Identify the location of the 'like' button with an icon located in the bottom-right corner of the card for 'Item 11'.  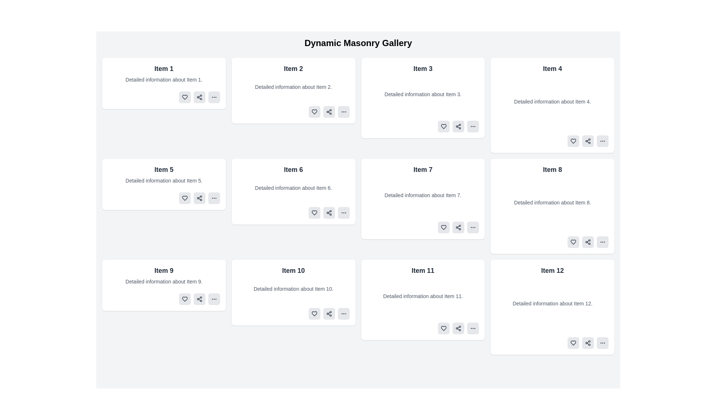
(443, 328).